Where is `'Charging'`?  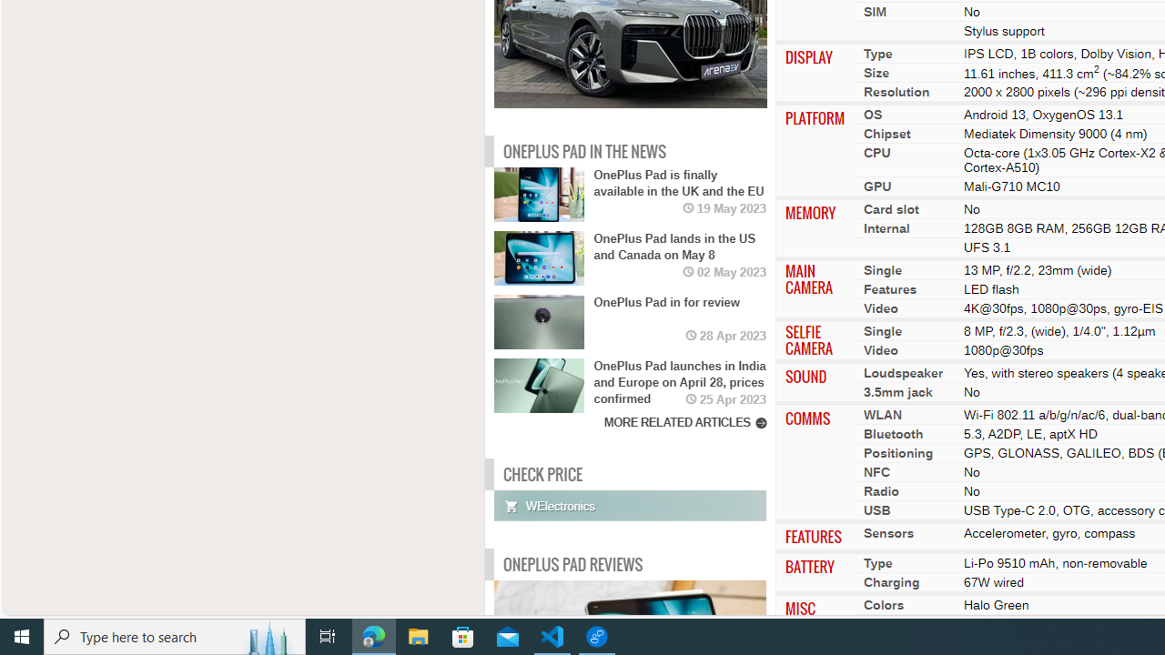 'Charging' is located at coordinates (891, 582).